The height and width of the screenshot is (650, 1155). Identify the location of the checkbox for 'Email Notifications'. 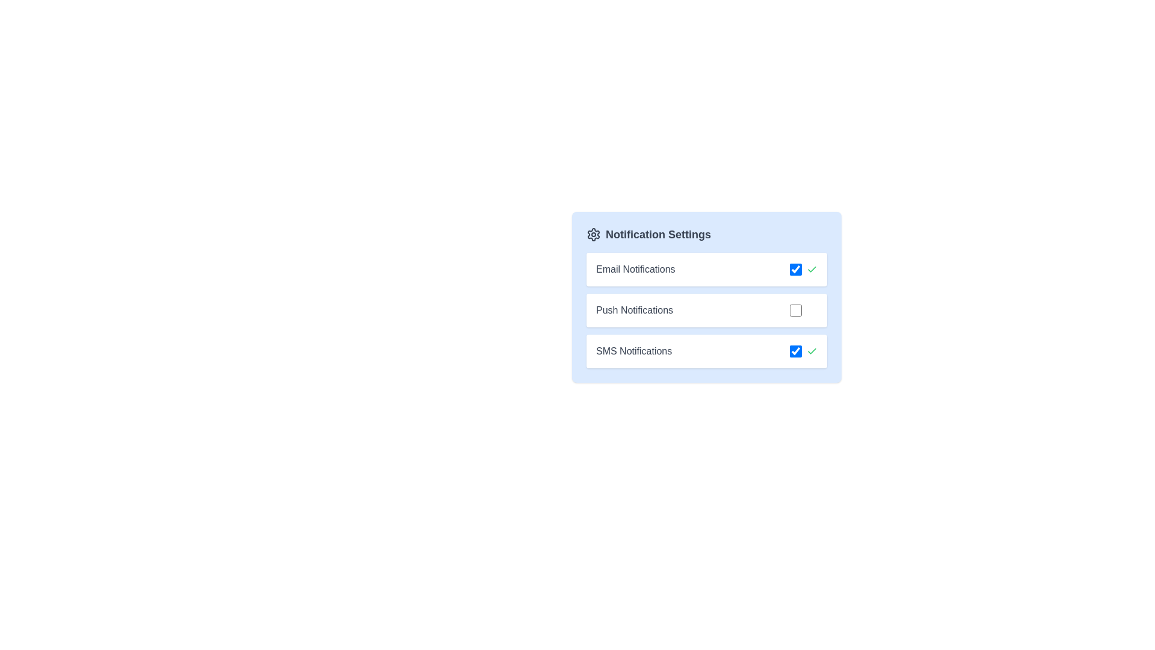
(803, 268).